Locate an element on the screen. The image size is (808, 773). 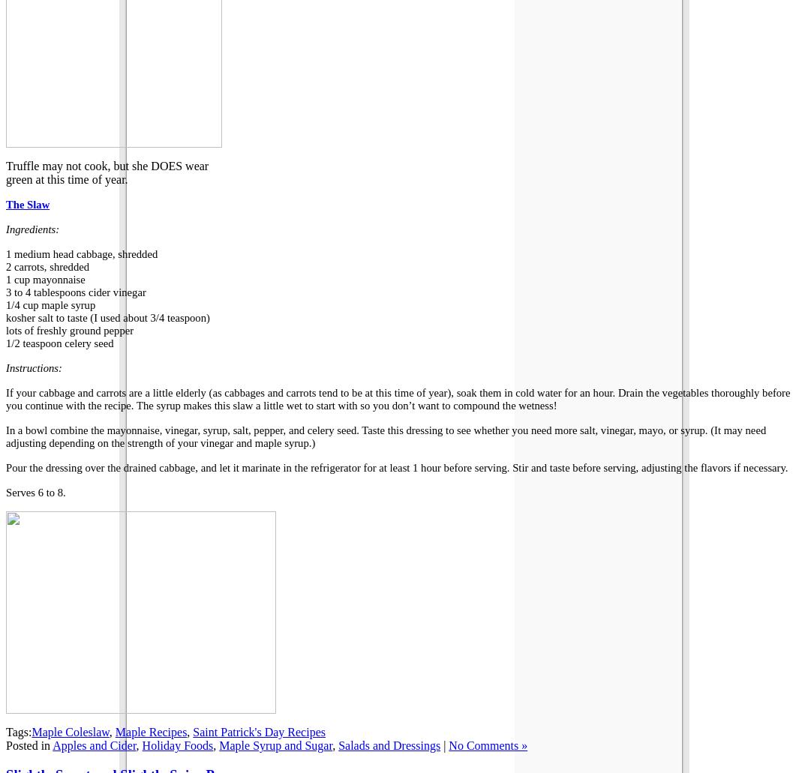
'Salads and Dressings' is located at coordinates (338, 745).